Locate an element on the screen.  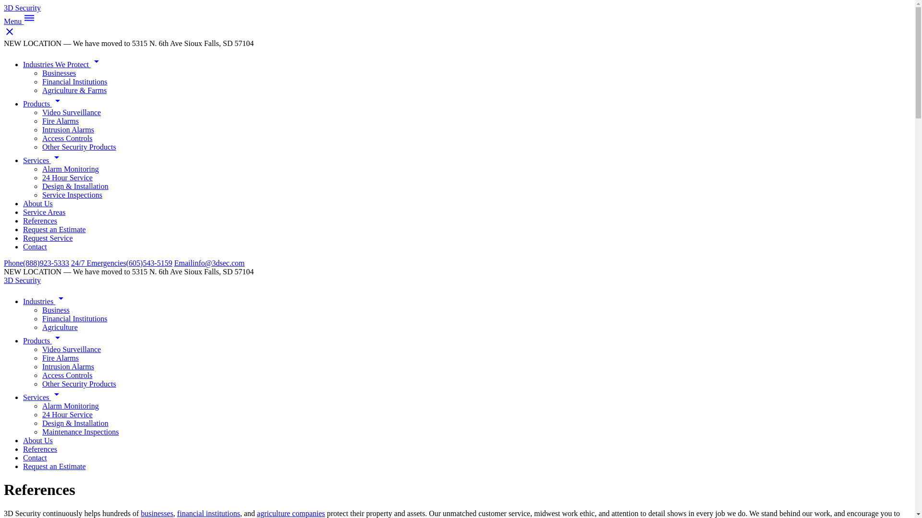
'Other Security Products' is located at coordinates (79, 383).